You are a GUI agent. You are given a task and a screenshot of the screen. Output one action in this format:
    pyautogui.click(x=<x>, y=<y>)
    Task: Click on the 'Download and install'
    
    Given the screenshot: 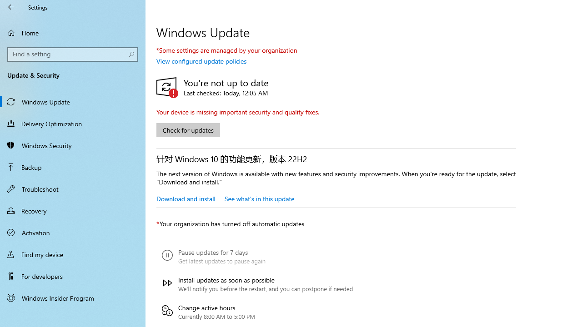 What is the action you would take?
    pyautogui.click(x=185, y=198)
    